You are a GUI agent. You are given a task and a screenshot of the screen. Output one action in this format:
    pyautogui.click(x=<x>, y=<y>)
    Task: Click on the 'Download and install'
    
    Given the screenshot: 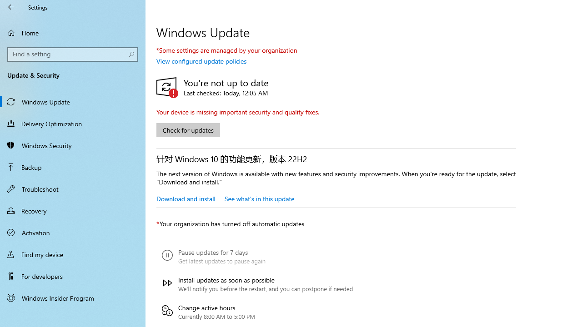 What is the action you would take?
    pyautogui.click(x=185, y=198)
    